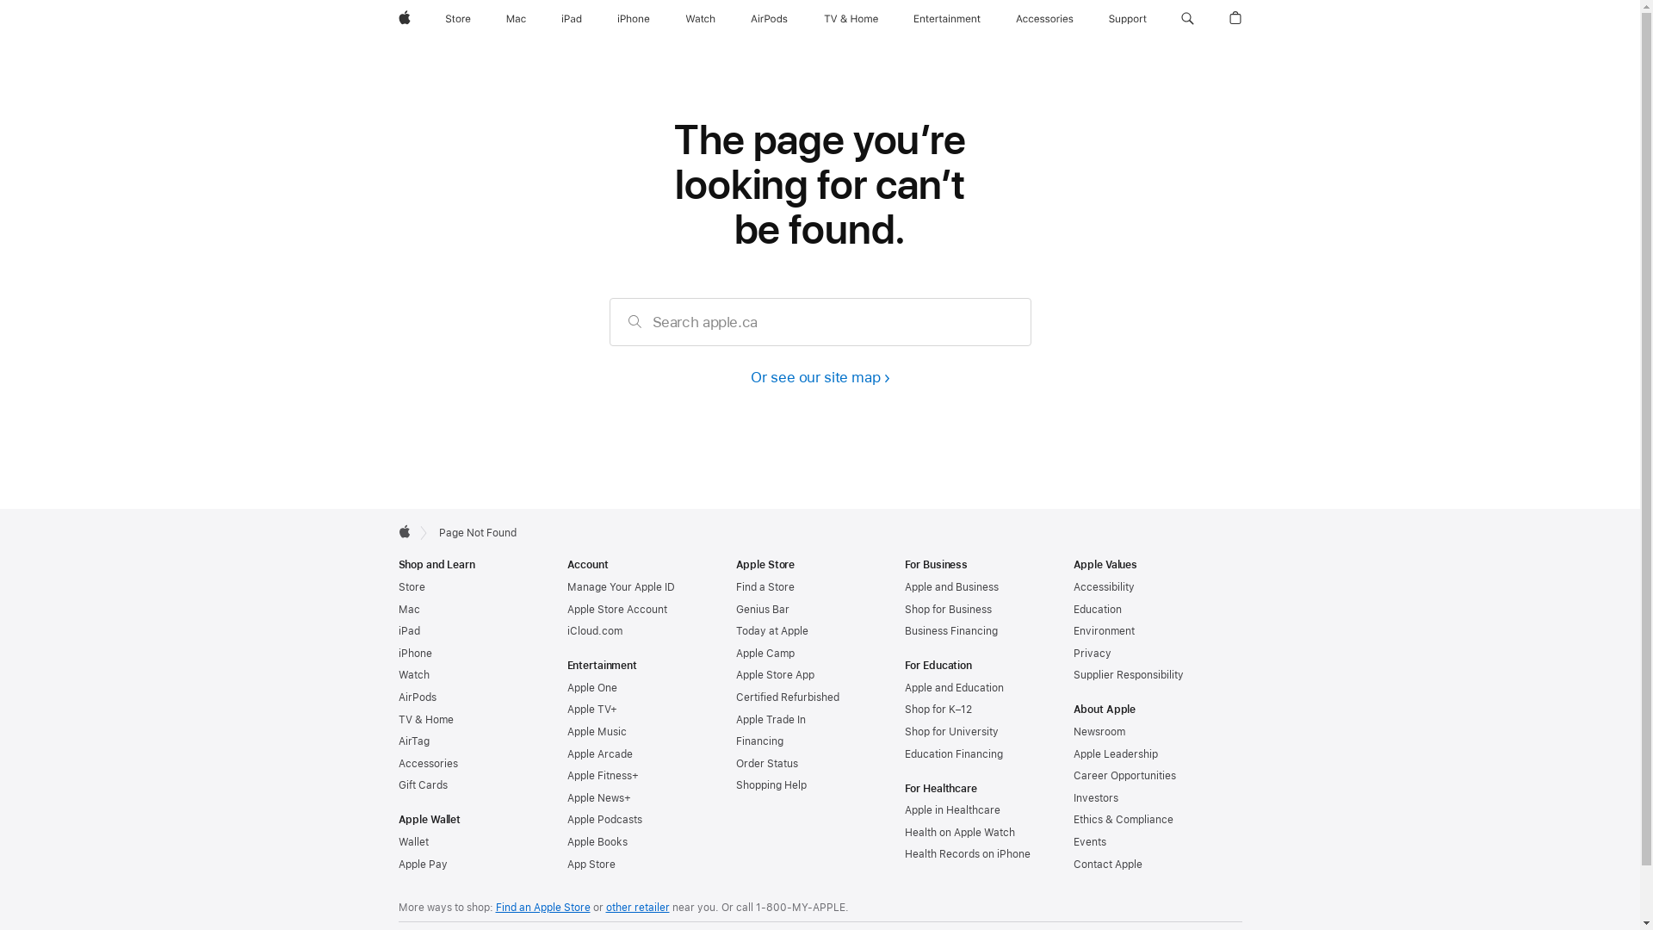  I want to click on 'Shopping Help', so click(769, 784).